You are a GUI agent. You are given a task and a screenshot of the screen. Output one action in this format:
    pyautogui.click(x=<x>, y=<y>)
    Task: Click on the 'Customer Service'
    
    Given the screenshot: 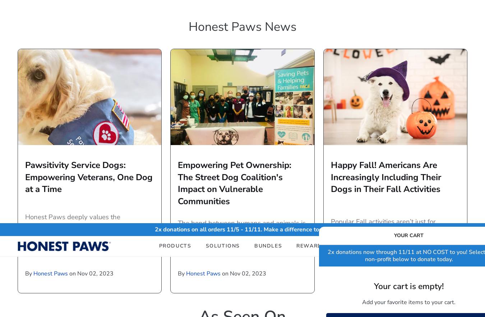 What is the action you would take?
    pyautogui.click(x=207, y=232)
    